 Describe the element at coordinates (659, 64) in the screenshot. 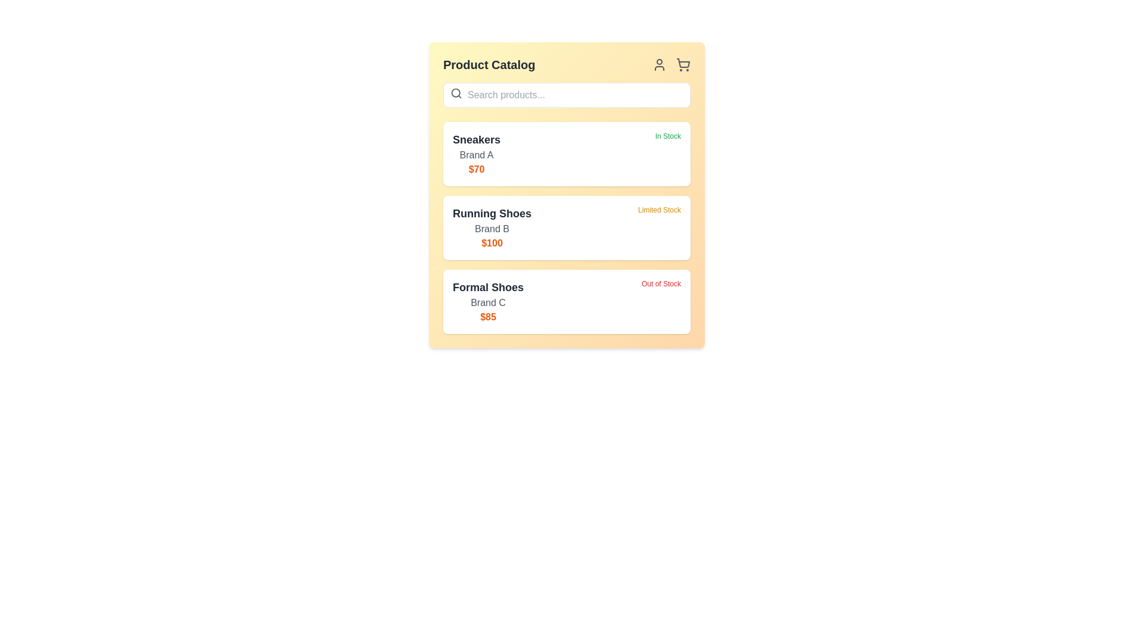

I see `the user profile silhouette icon located at the top-right corner of the section` at that location.